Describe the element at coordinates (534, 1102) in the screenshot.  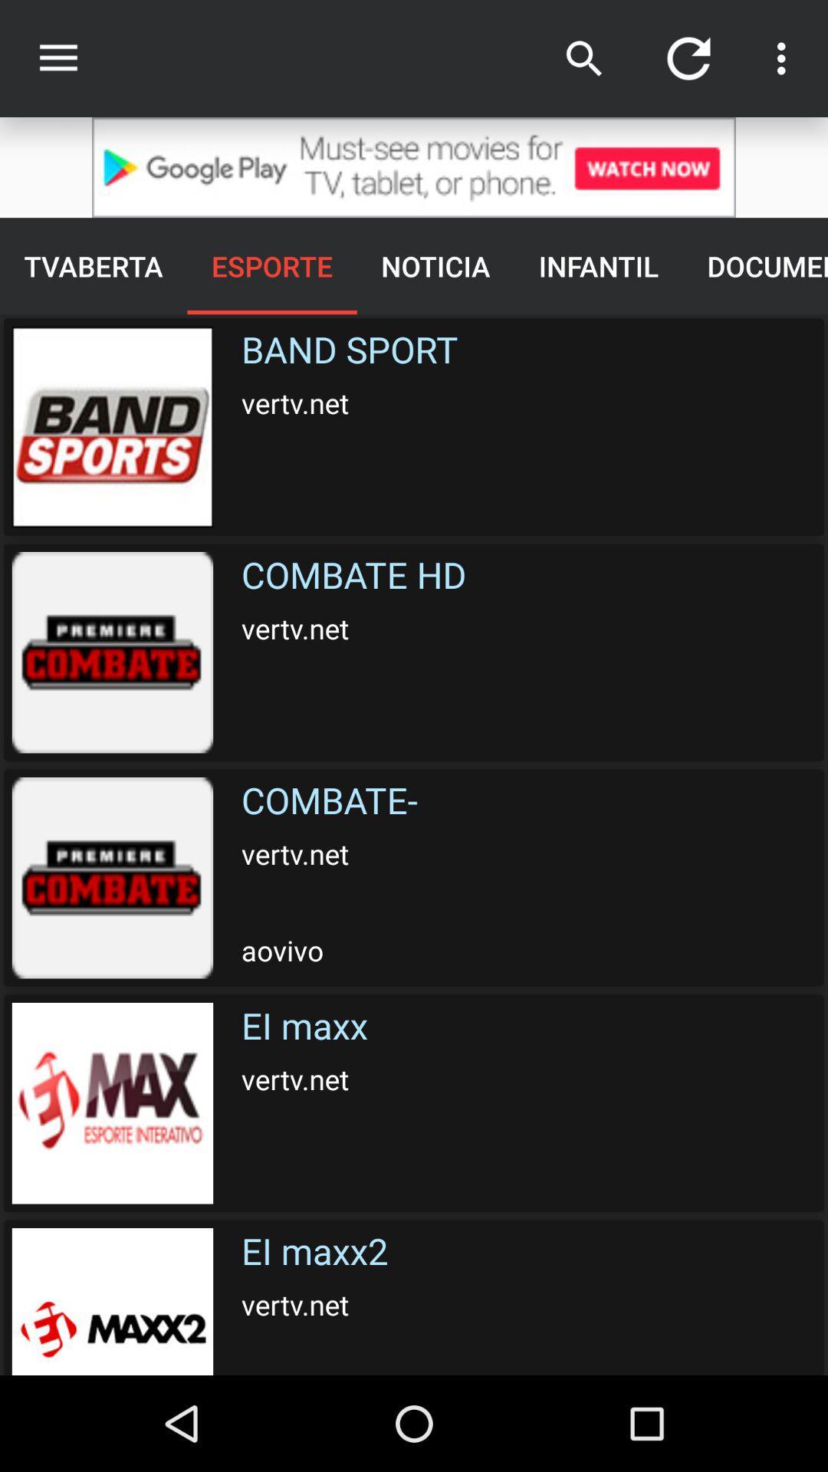
I see `text above the ei maxx2 vertvnet` at that location.